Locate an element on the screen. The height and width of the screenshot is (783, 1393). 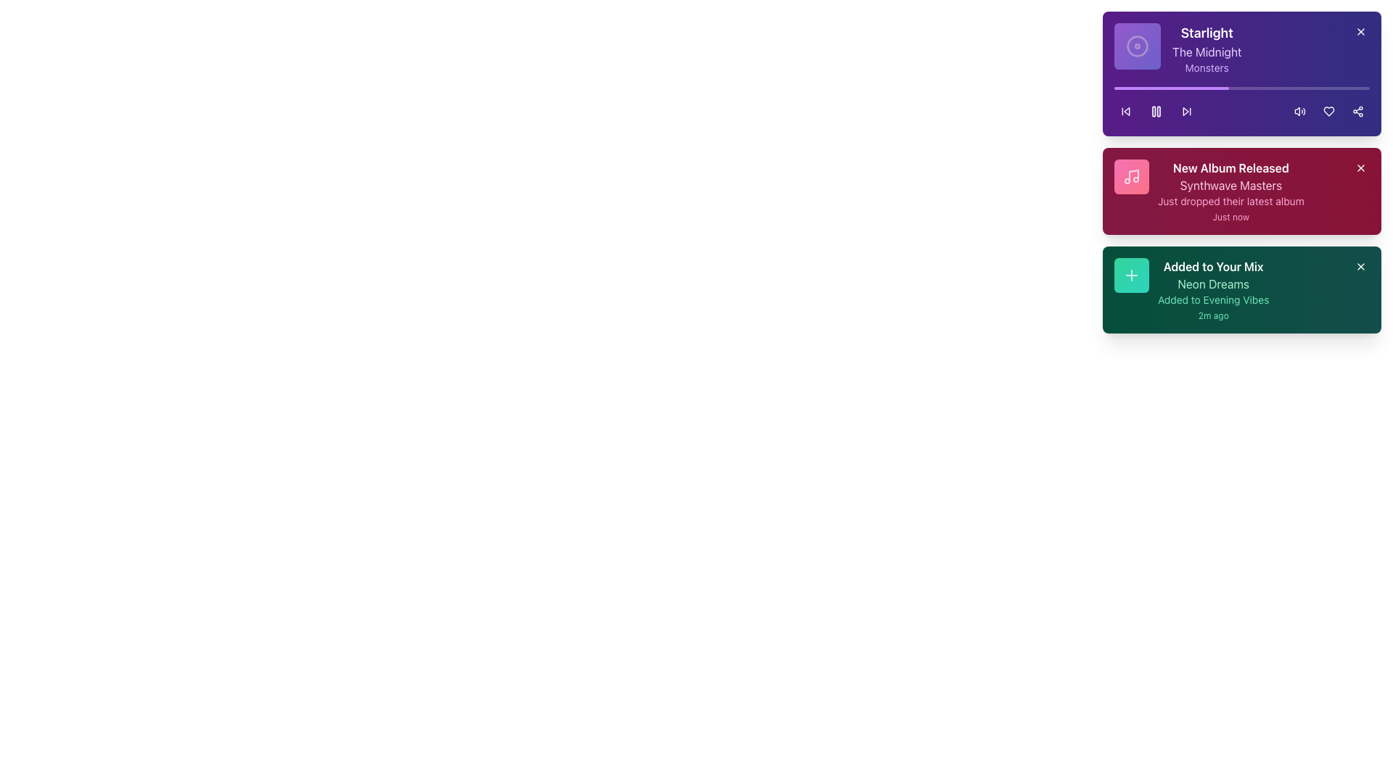
the dismiss button styled with an 'X' icon located at the top-right corner of the card displaying the track 'Starlight' by 'The Midnight' is located at coordinates (1360, 31).